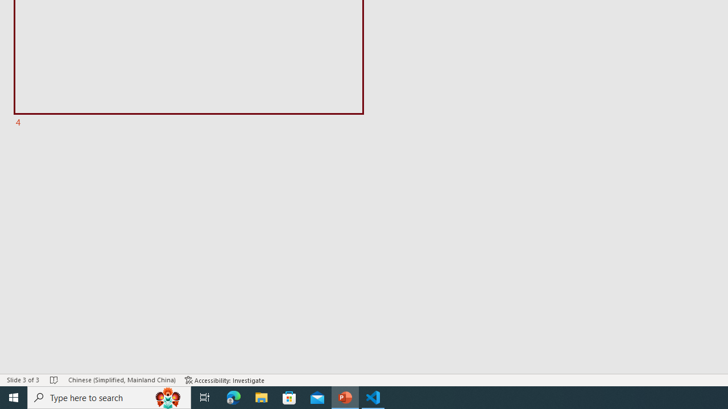 This screenshot has height=409, width=728. I want to click on 'Accessibility Checker Accessibility: Investigate', so click(225, 380).